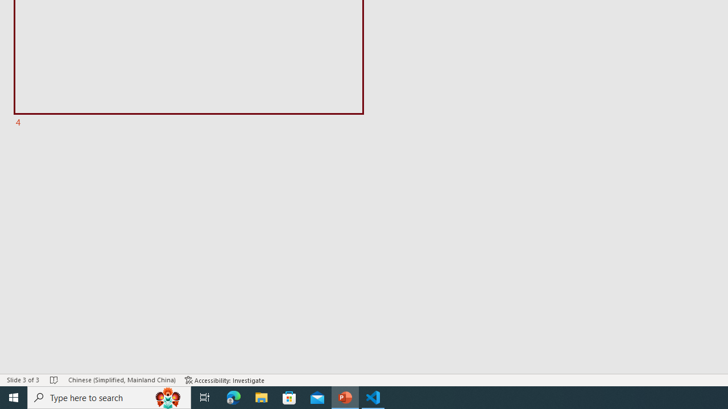 This screenshot has height=409, width=728. I want to click on 'Accessibility Checker Accessibility: Investigate', so click(225, 380).